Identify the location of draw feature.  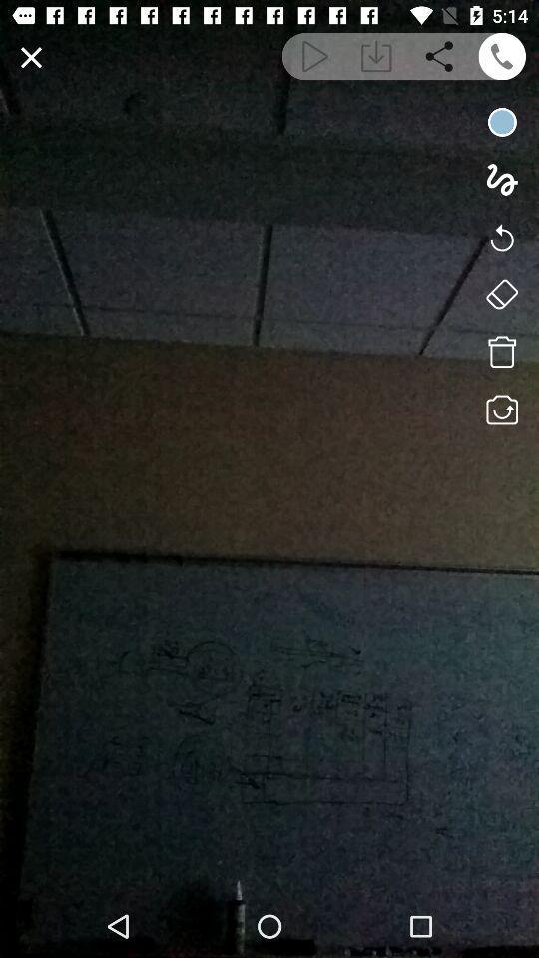
(501, 179).